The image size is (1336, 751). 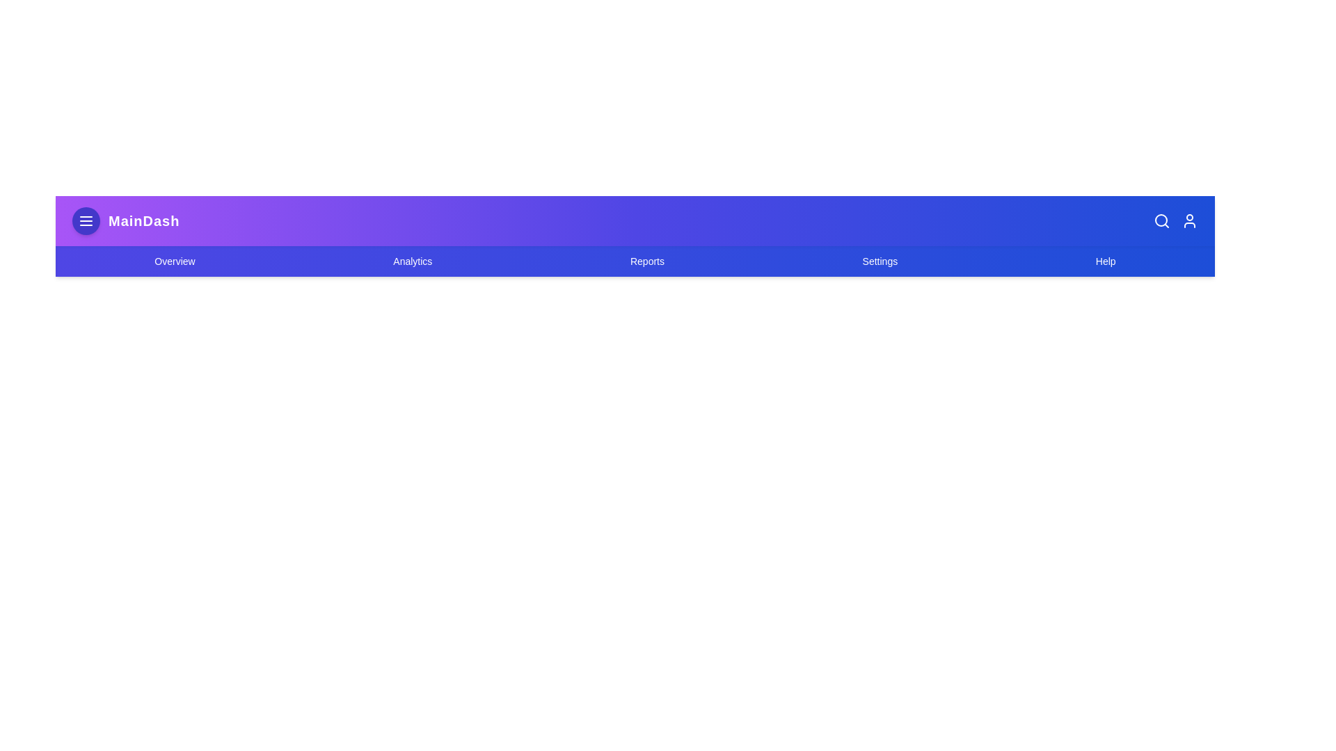 I want to click on the navigation link Help to navigate to its respective section, so click(x=1104, y=261).